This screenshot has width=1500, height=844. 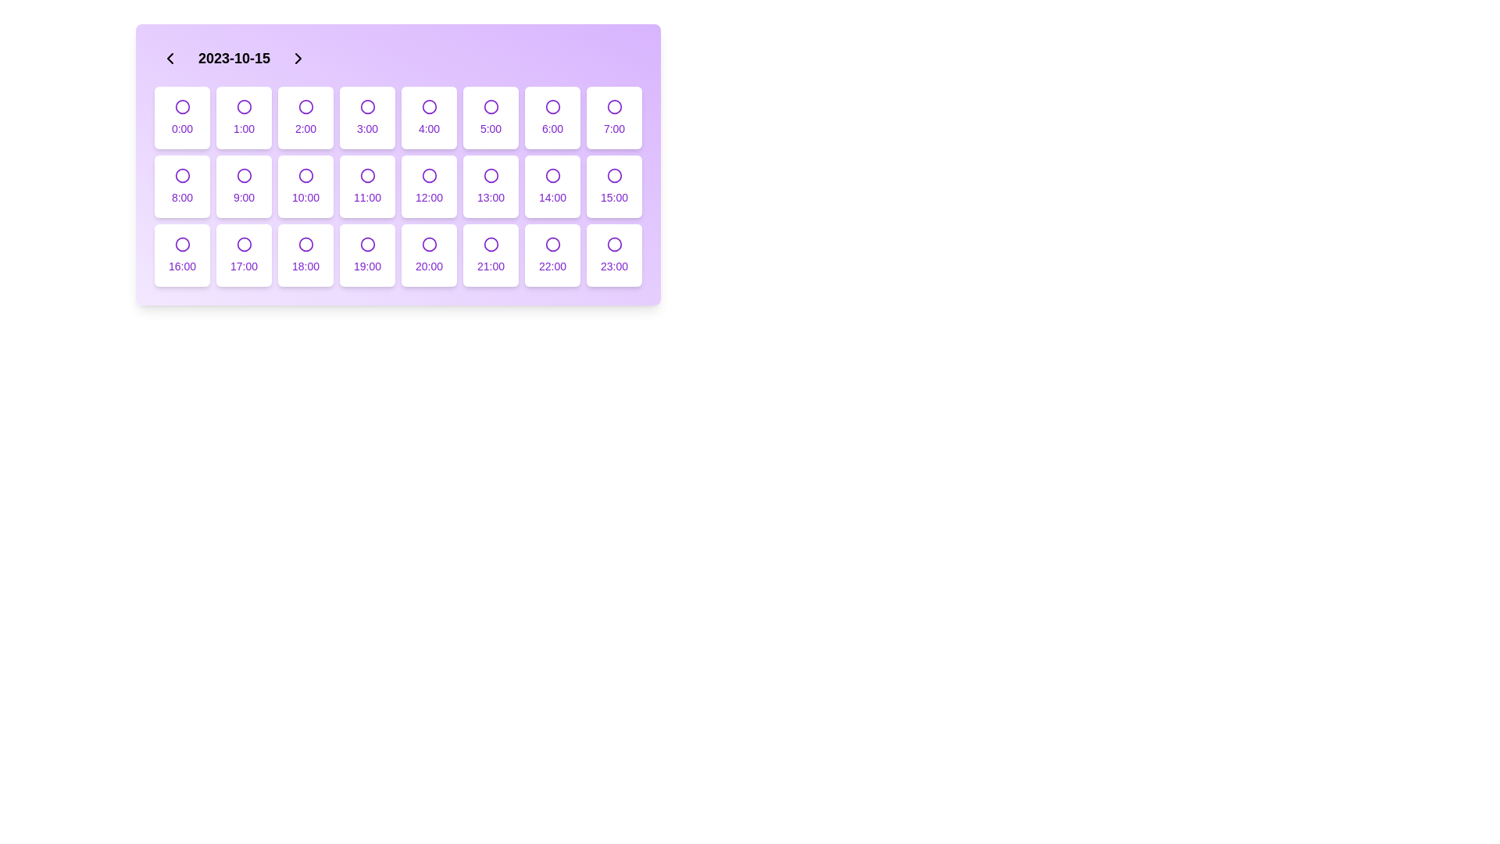 What do you see at coordinates (366, 106) in the screenshot?
I see `the purple stroke circle-shaped SVG icon located at the top center of the card displaying '3:00'` at bounding box center [366, 106].